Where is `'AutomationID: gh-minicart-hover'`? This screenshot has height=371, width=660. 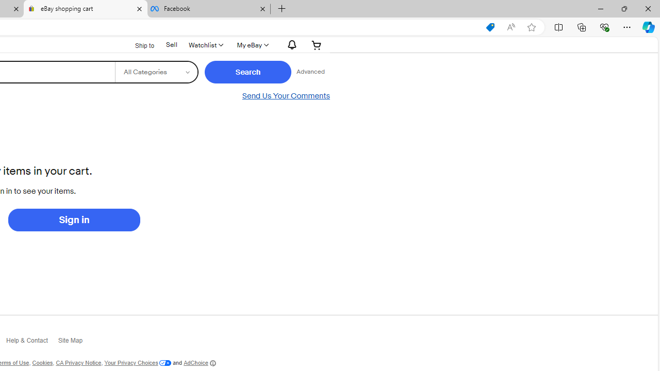
'AutomationID: gh-minicart-hover' is located at coordinates (316, 44).